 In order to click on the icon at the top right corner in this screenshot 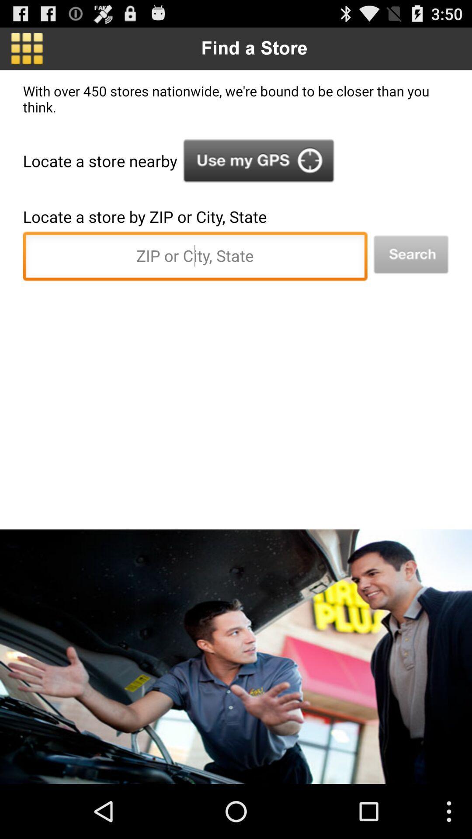, I will do `click(411, 254)`.